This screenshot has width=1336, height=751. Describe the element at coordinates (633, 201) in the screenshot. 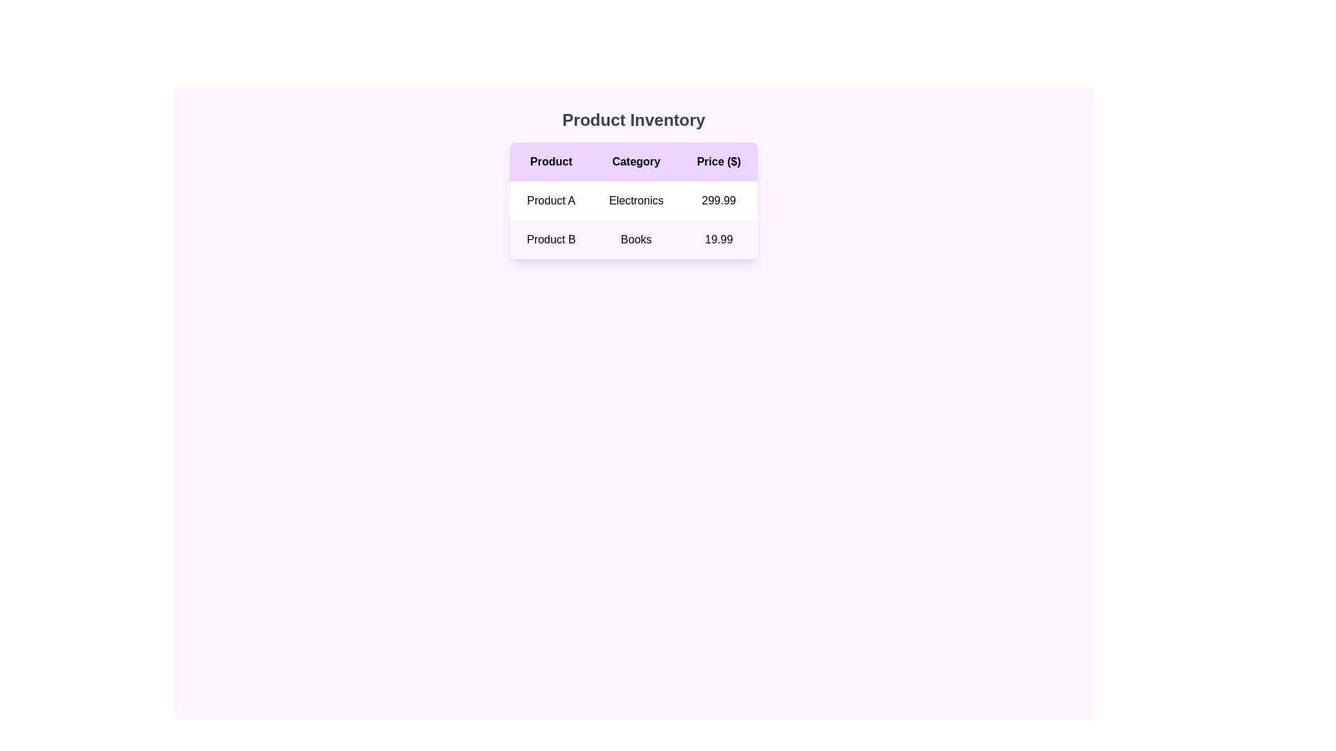

I see `the product table element displaying 'Product', 'Category', and 'Price ($)' with a purple header, located beneath the main title 'Product Inventory'` at that location.